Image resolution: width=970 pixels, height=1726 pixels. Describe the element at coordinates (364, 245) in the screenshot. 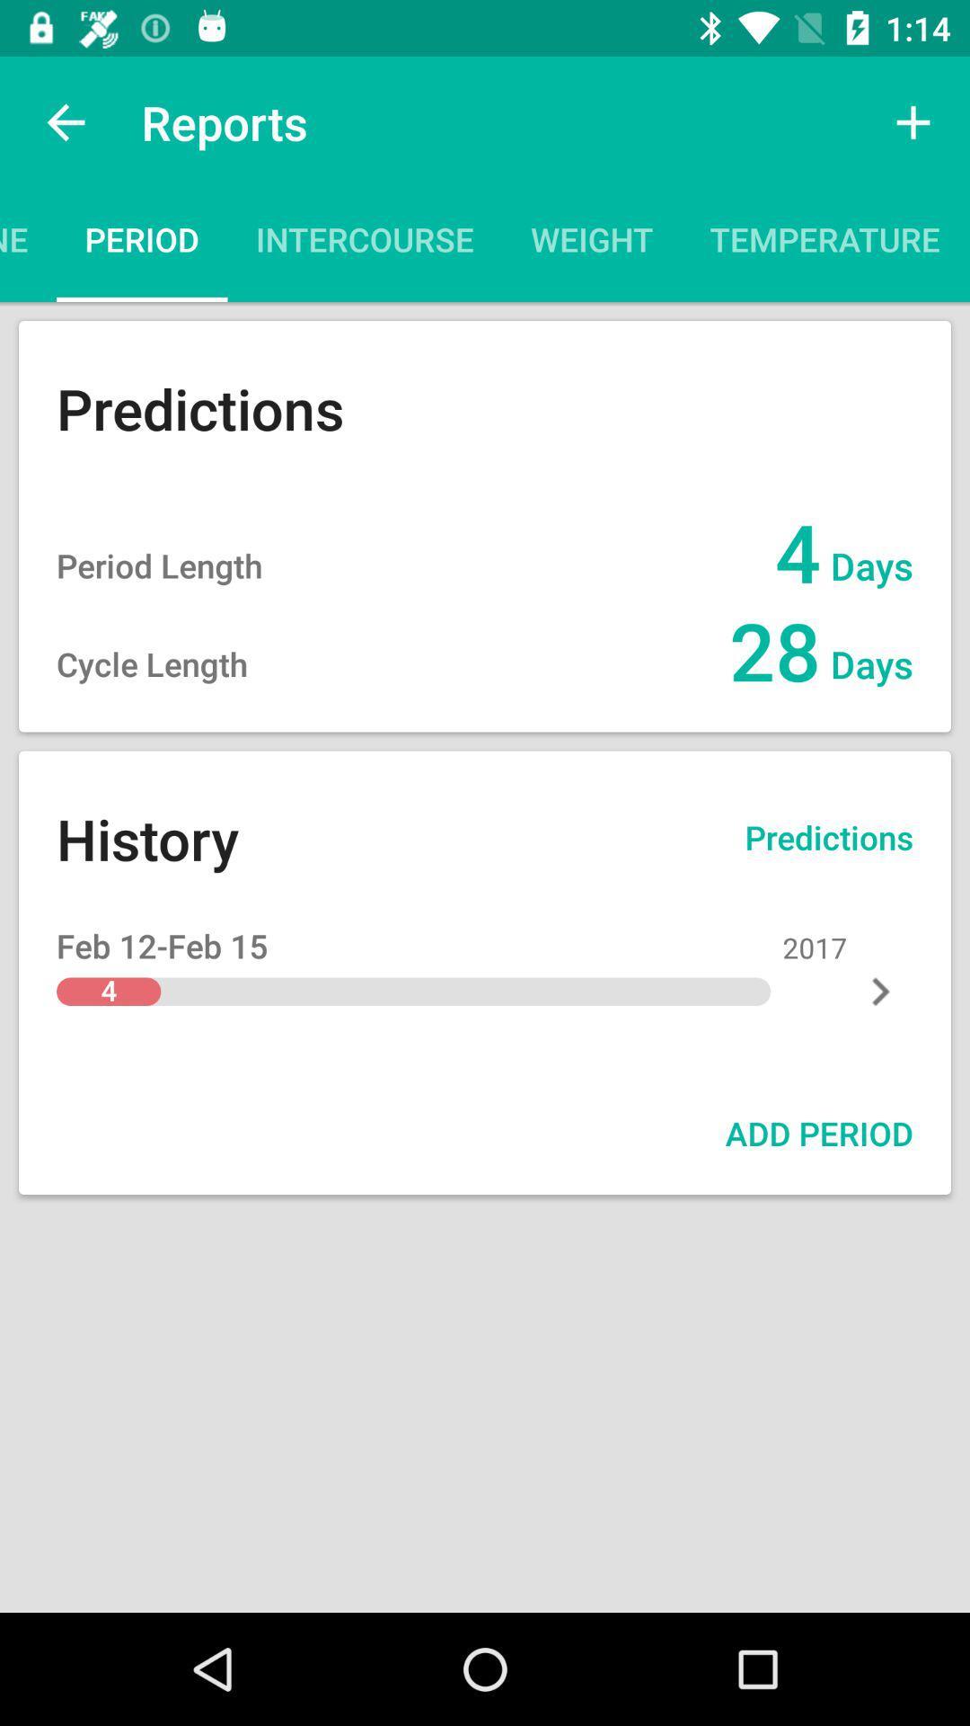

I see `the intercourse item` at that location.